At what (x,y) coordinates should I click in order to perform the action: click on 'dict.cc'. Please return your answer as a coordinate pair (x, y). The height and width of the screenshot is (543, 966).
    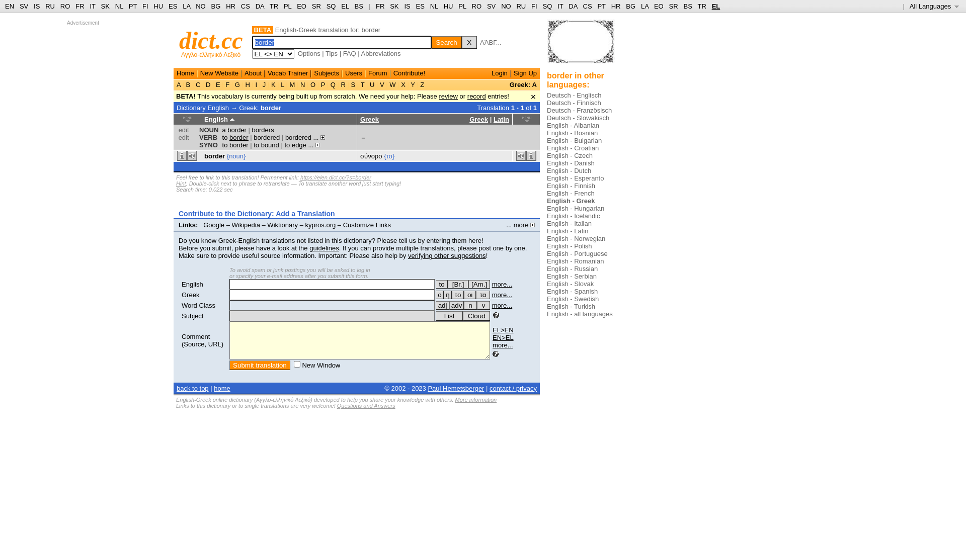
    Looking at the image, I should click on (179, 40).